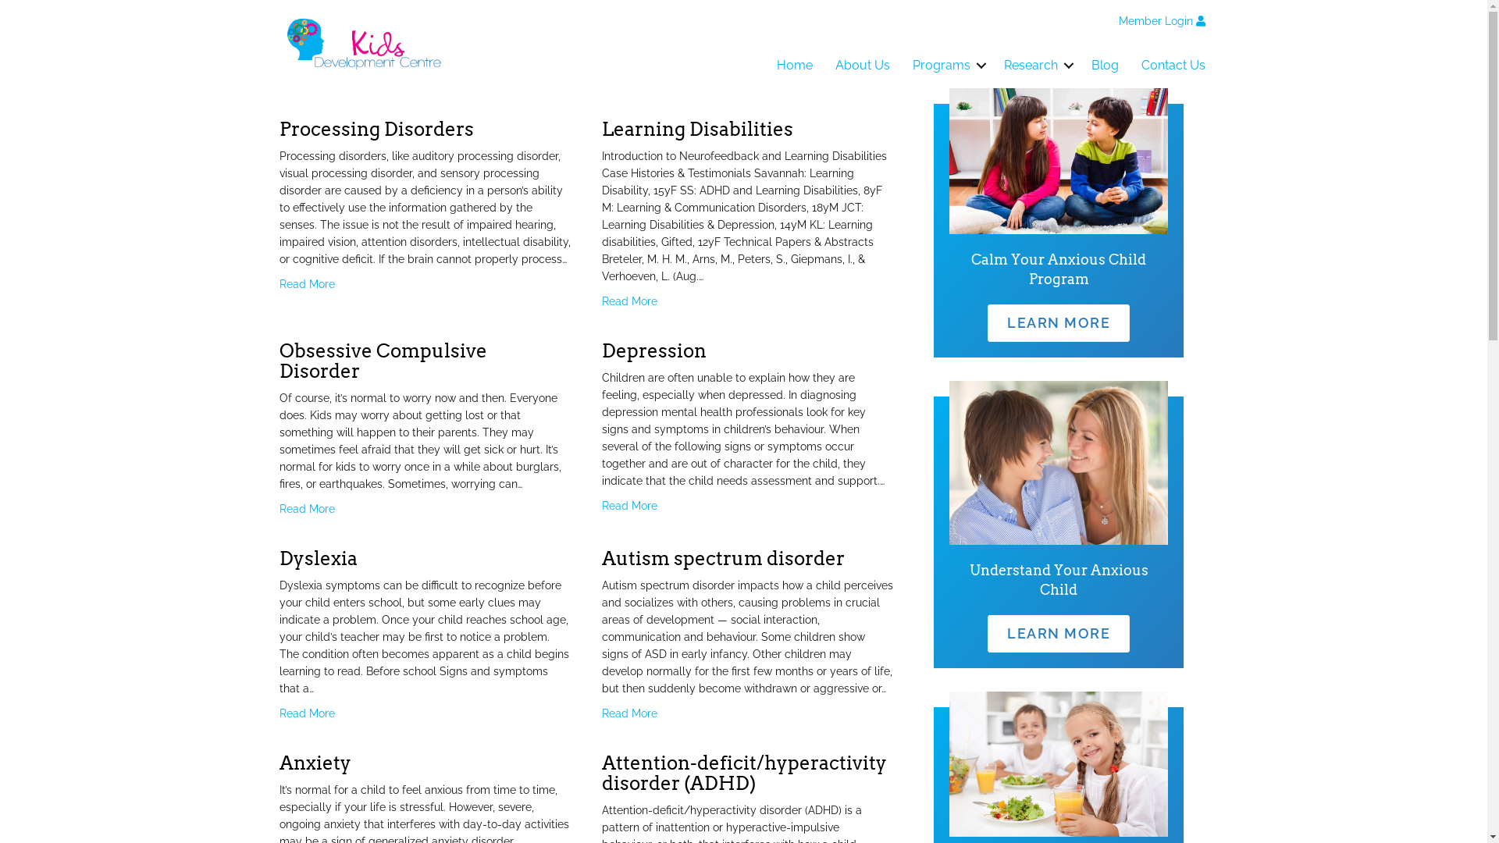 The image size is (1499, 843). Describe the element at coordinates (1059, 161) in the screenshot. I see `'Two Kids Together'` at that location.